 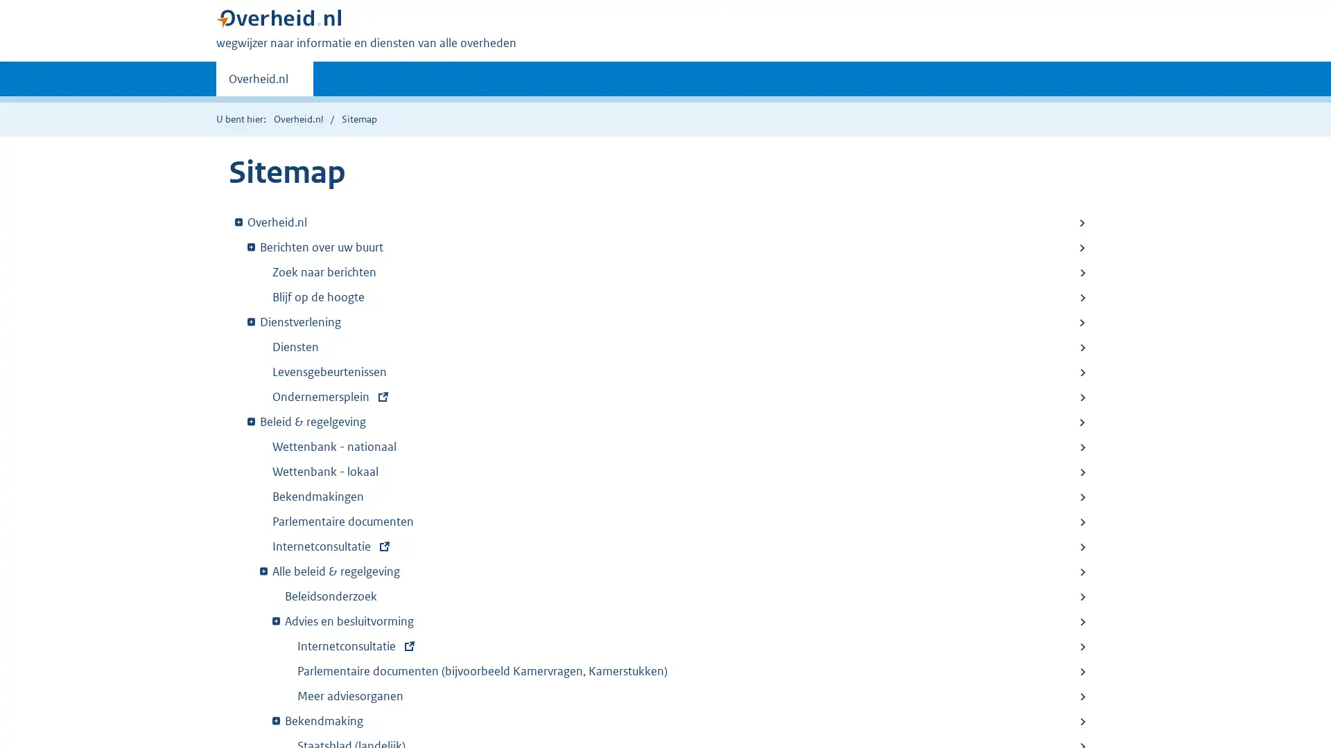 What do you see at coordinates (238, 220) in the screenshot?
I see `Verberg onderliggende` at bounding box center [238, 220].